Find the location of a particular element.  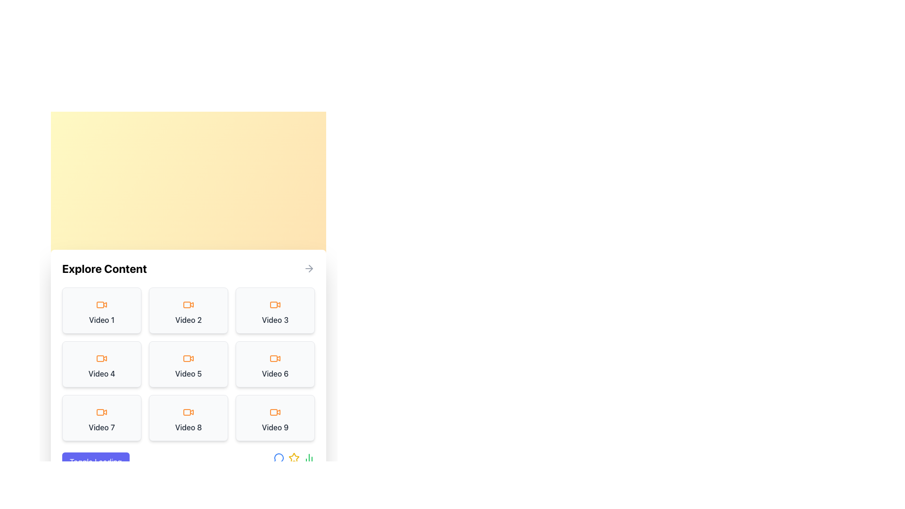

the static text label displaying 'Video 9' located at the bottom-right corner of the grid is located at coordinates (275, 427).